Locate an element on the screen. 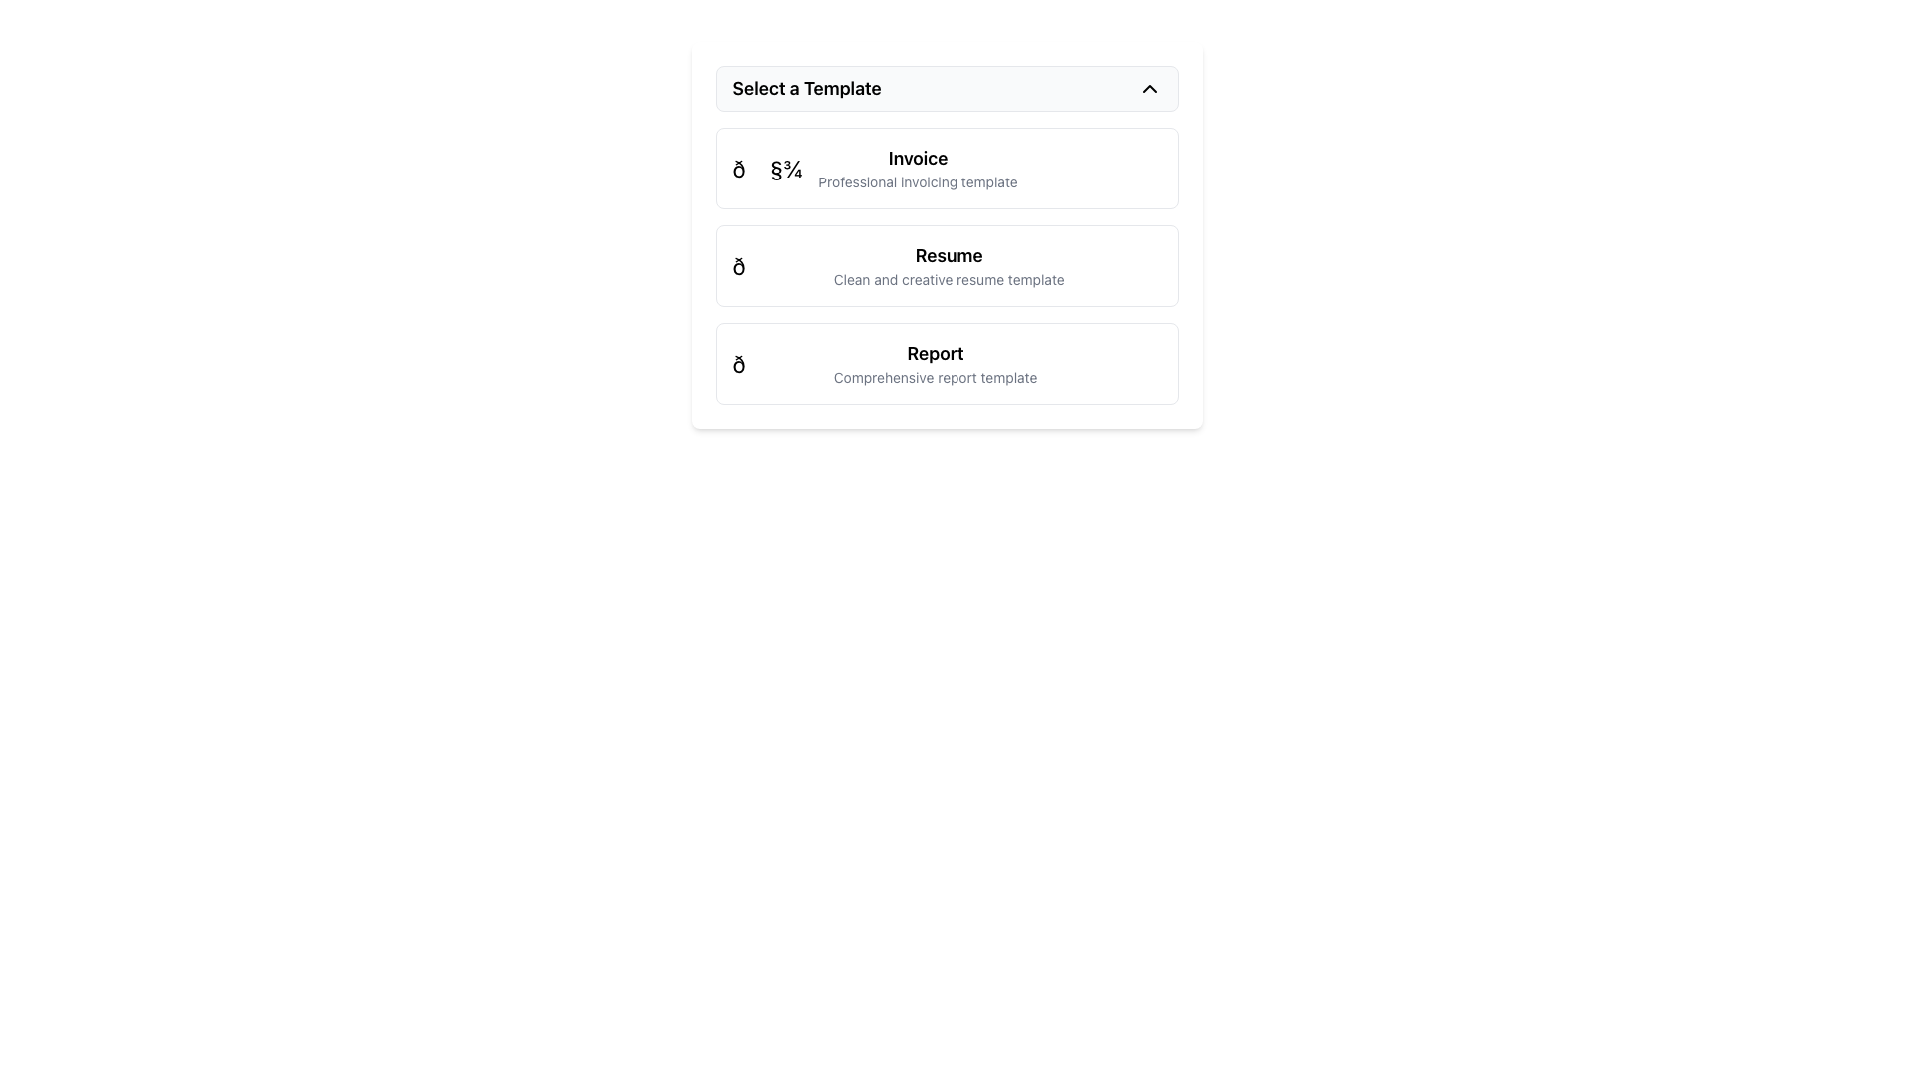  the 'Resume' text label, which is styled in bold and larger font size, located in the second card of a vertical list of templates is located at coordinates (948, 255).